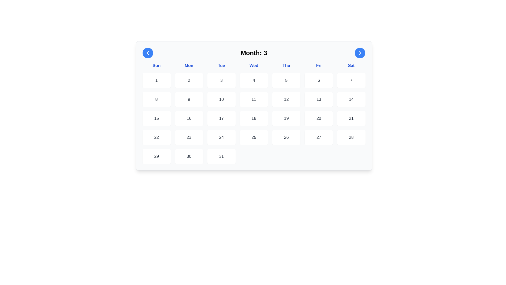 The width and height of the screenshot is (506, 285). What do you see at coordinates (351, 65) in the screenshot?
I see `the static text label element that displays 'Saturday', which is the rightmost cell in the weekday headers grid` at bounding box center [351, 65].